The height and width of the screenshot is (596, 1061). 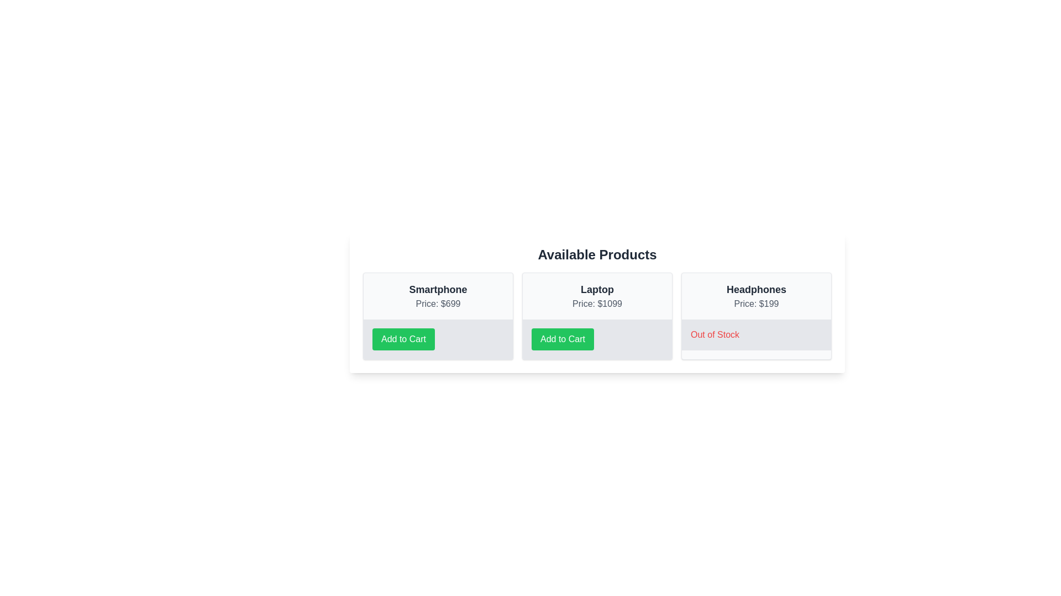 I want to click on product details displayed in the rightmost product card for 'Headphones', which includes the name in bold and the price '$199', so click(x=755, y=295).